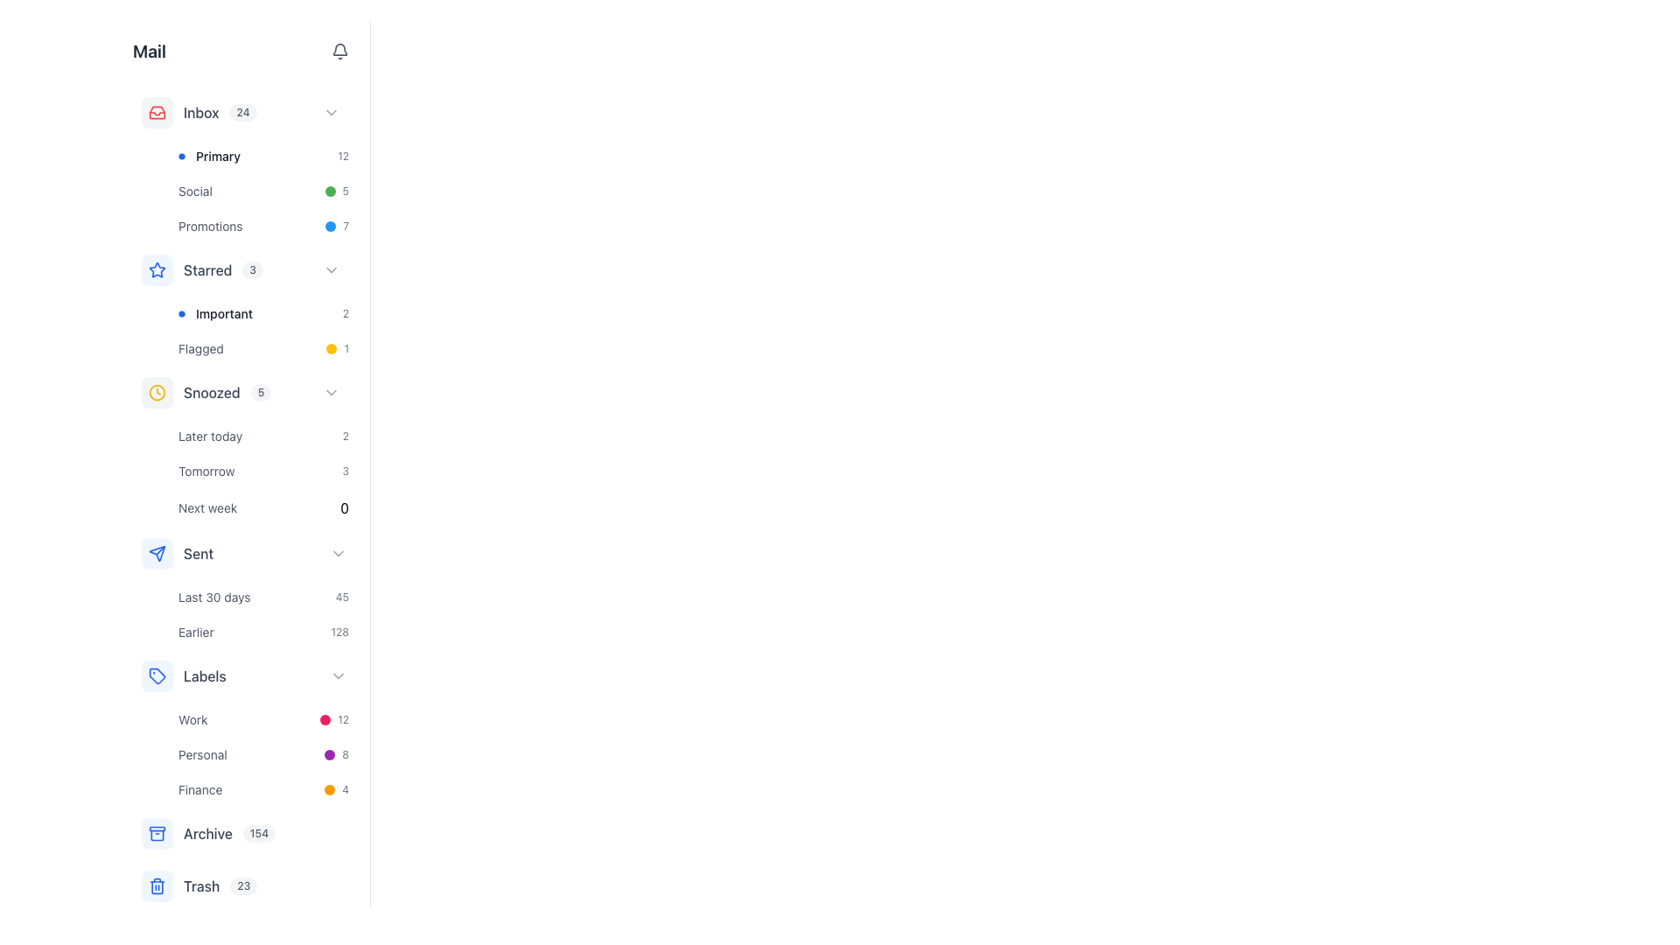 The width and height of the screenshot is (1680, 945). I want to click on the 'Important' label with icon located directly under the 'Starred' section in the left sidebar, so click(214, 312).